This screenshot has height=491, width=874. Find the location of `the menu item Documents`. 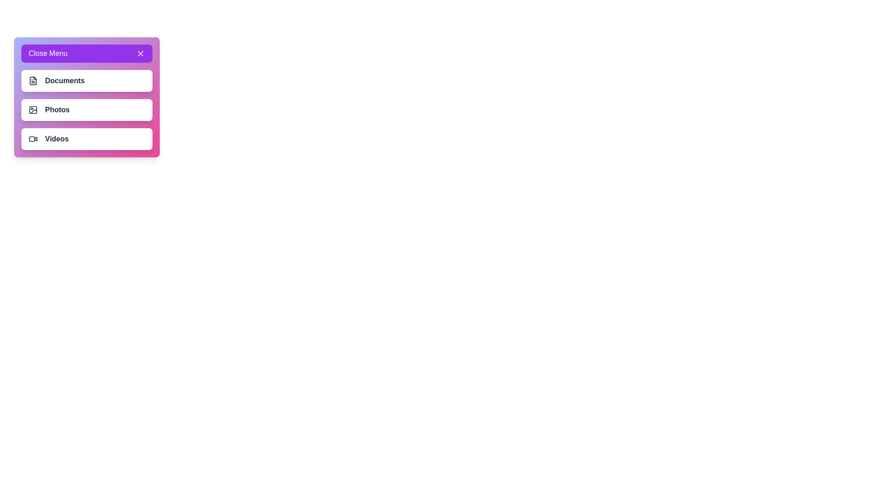

the menu item Documents is located at coordinates (33, 80).